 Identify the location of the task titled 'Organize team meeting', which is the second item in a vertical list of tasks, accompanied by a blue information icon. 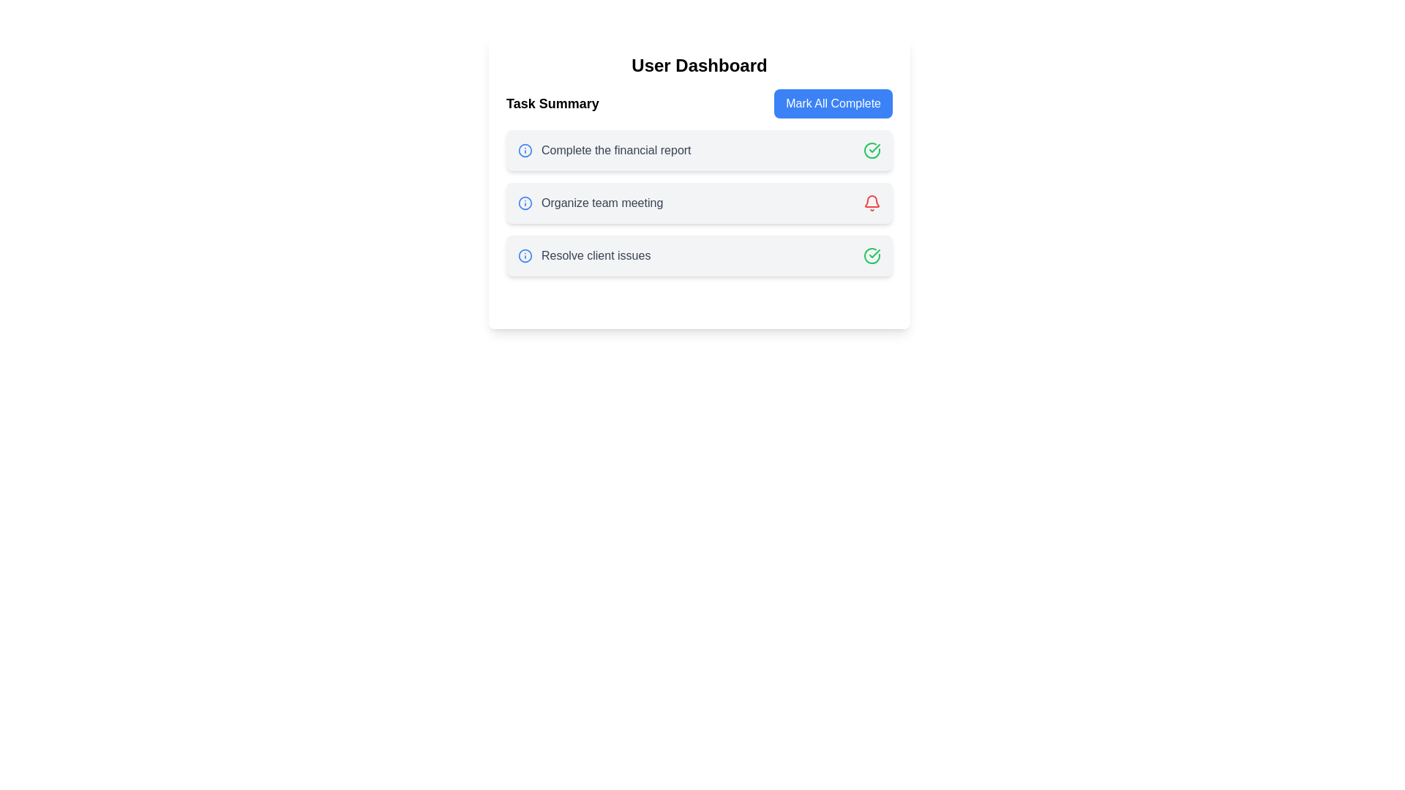
(591, 203).